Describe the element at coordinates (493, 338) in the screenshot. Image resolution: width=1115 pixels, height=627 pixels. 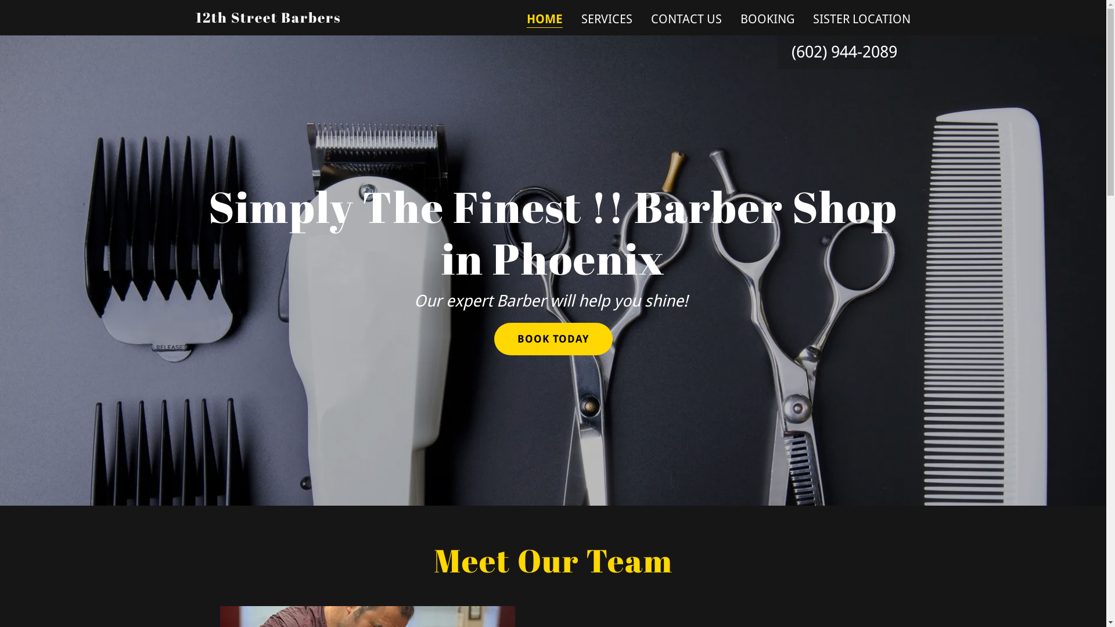
I see `'BOOK TODAY'` at that location.